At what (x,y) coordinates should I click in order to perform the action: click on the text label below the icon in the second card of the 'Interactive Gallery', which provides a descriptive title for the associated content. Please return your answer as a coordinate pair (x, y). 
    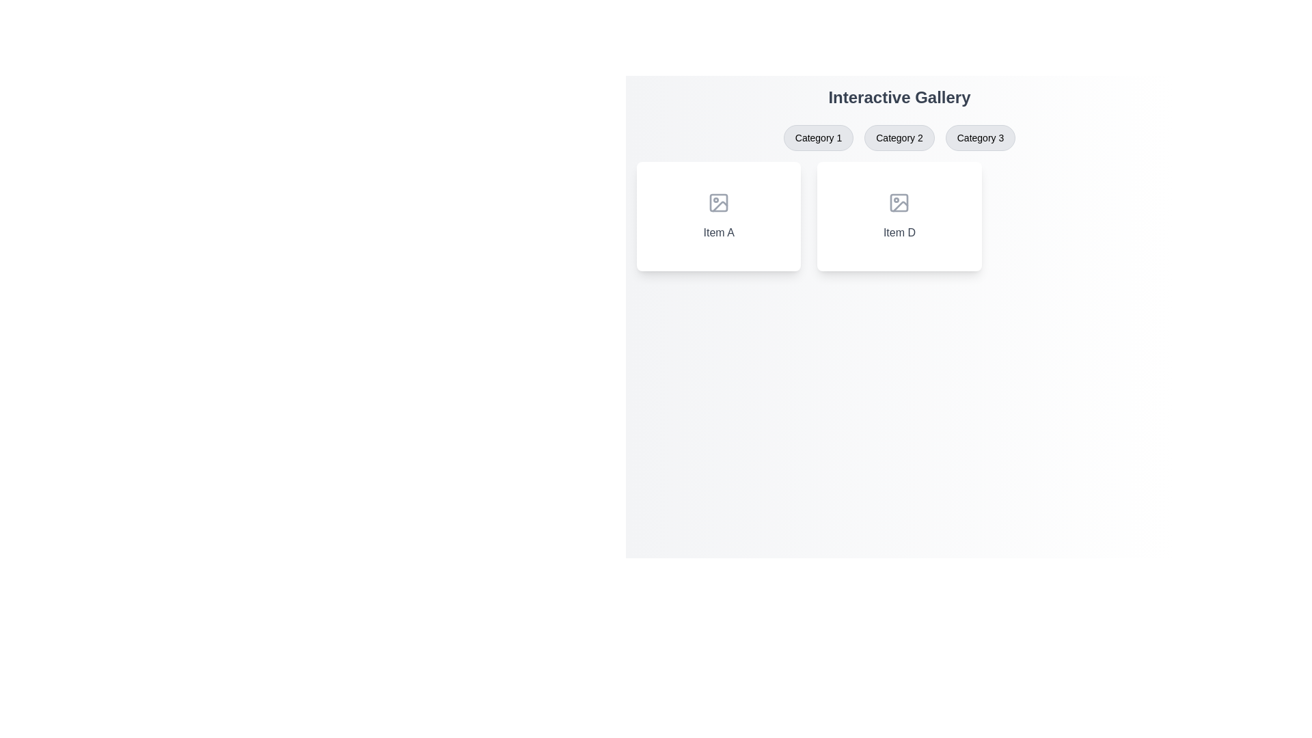
    Looking at the image, I should click on (899, 232).